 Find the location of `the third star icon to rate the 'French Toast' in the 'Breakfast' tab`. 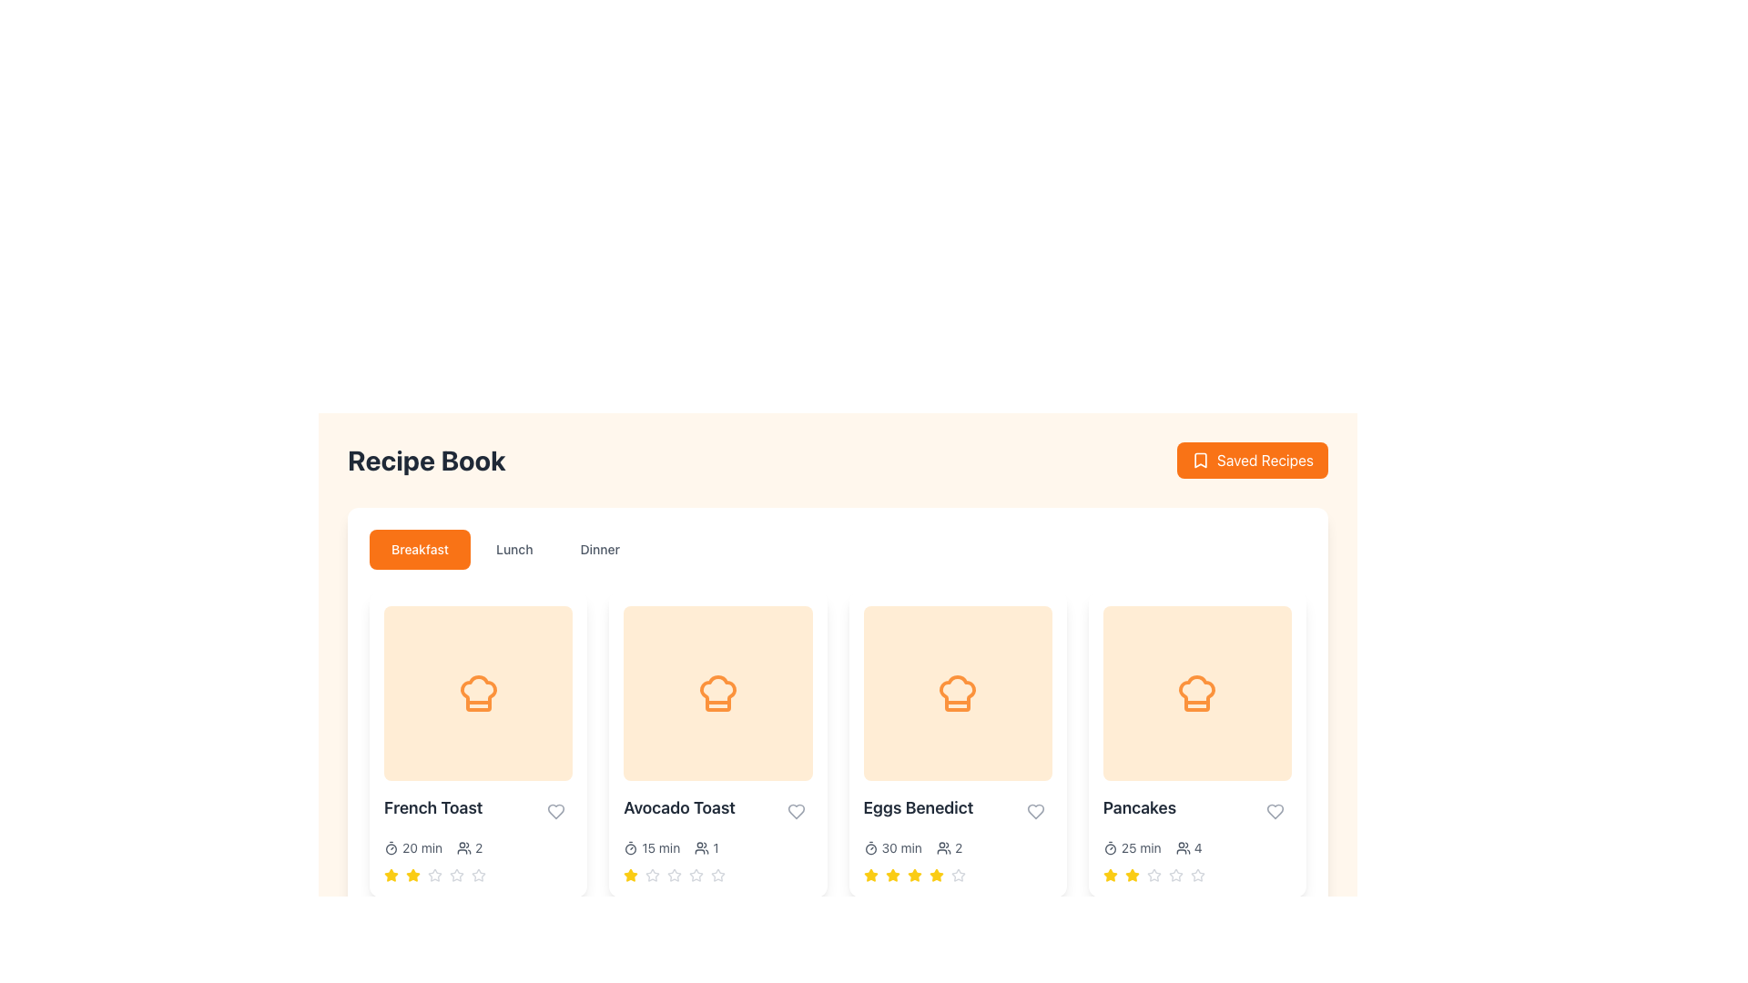

the third star icon to rate the 'French Toast' in the 'Breakfast' tab is located at coordinates (434, 874).